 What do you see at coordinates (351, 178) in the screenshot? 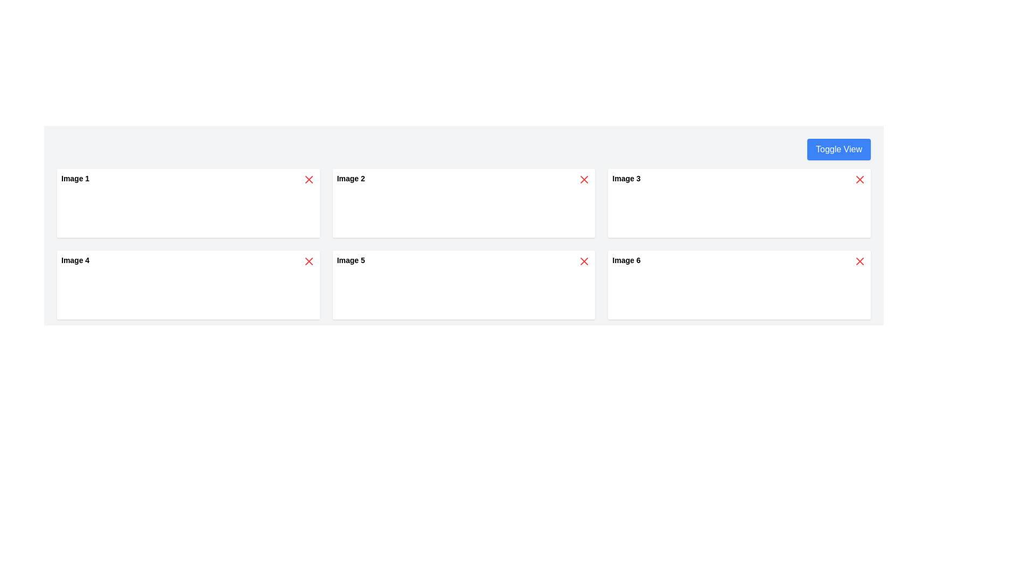
I see `the text label stating 'Image 2' located at the top-left corner of the second card in the upper row of the grid layout` at bounding box center [351, 178].